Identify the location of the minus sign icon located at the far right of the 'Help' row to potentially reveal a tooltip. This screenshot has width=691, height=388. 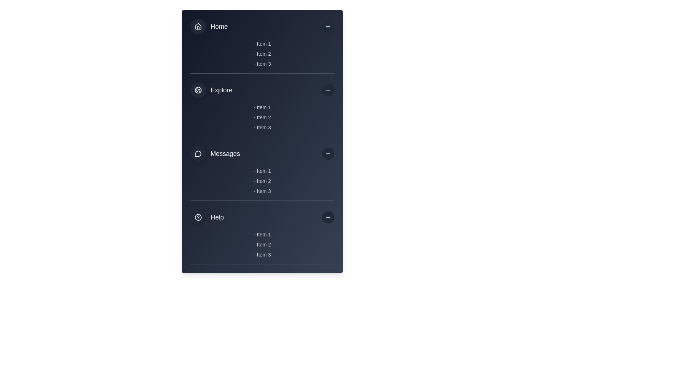
(328, 217).